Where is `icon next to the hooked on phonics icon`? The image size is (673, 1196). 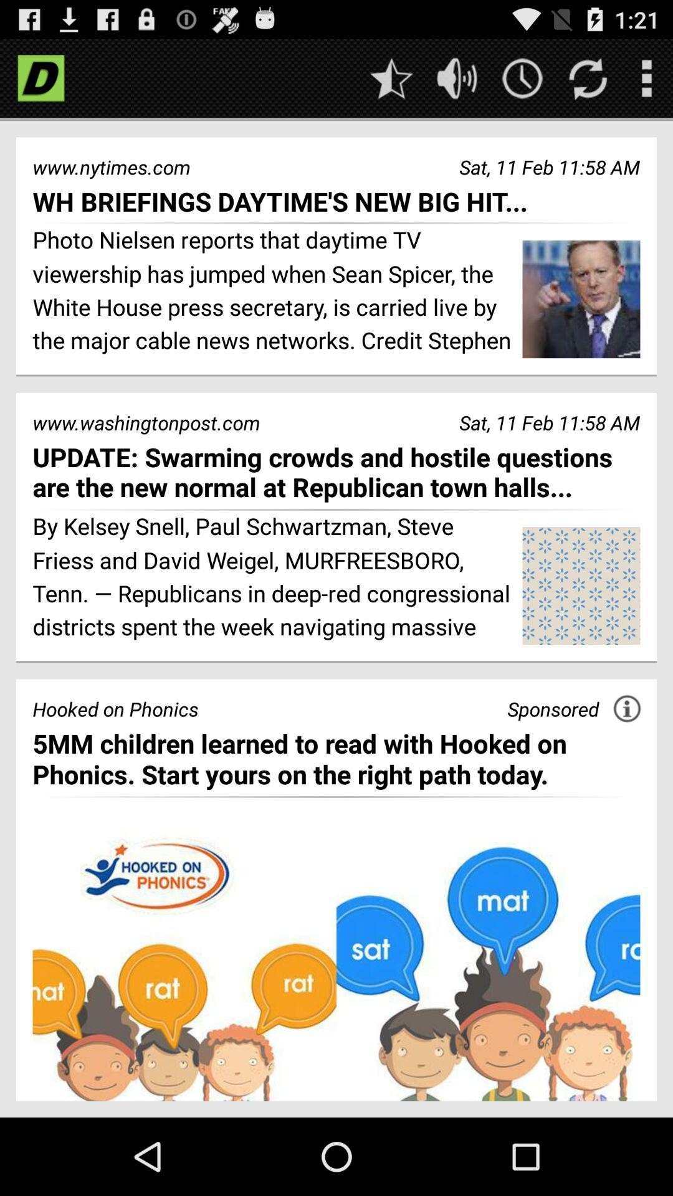
icon next to the hooked on phonics icon is located at coordinates (552, 709).